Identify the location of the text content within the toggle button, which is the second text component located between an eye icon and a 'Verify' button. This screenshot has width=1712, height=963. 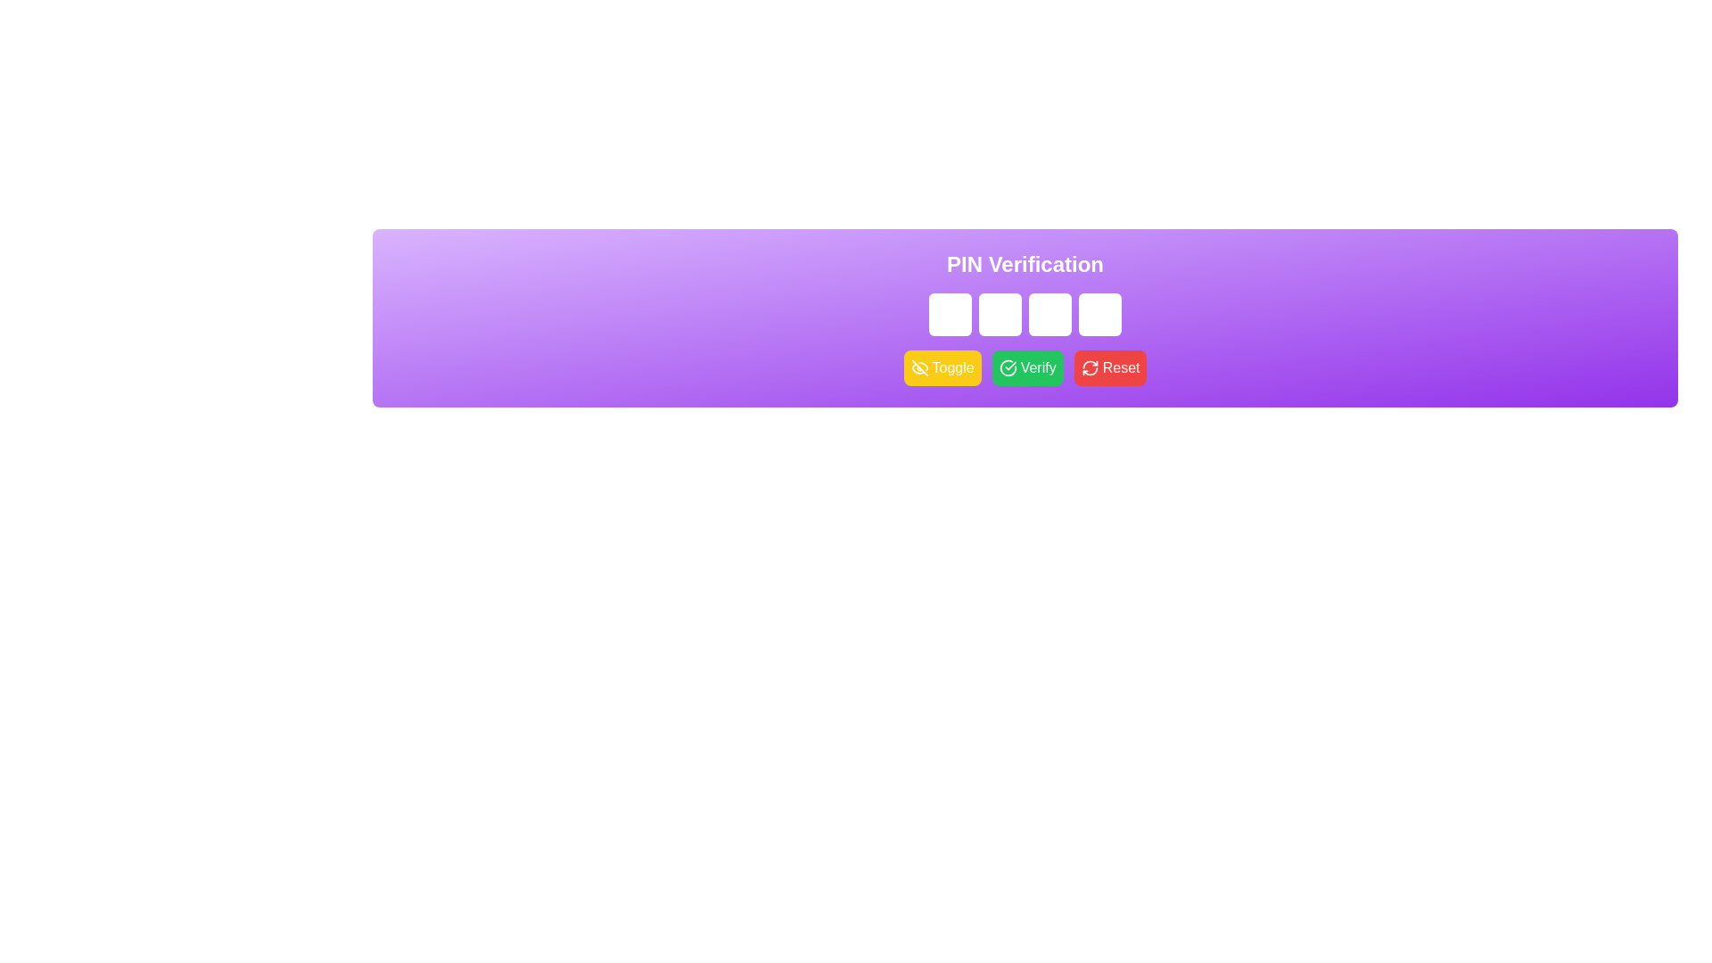
(952, 366).